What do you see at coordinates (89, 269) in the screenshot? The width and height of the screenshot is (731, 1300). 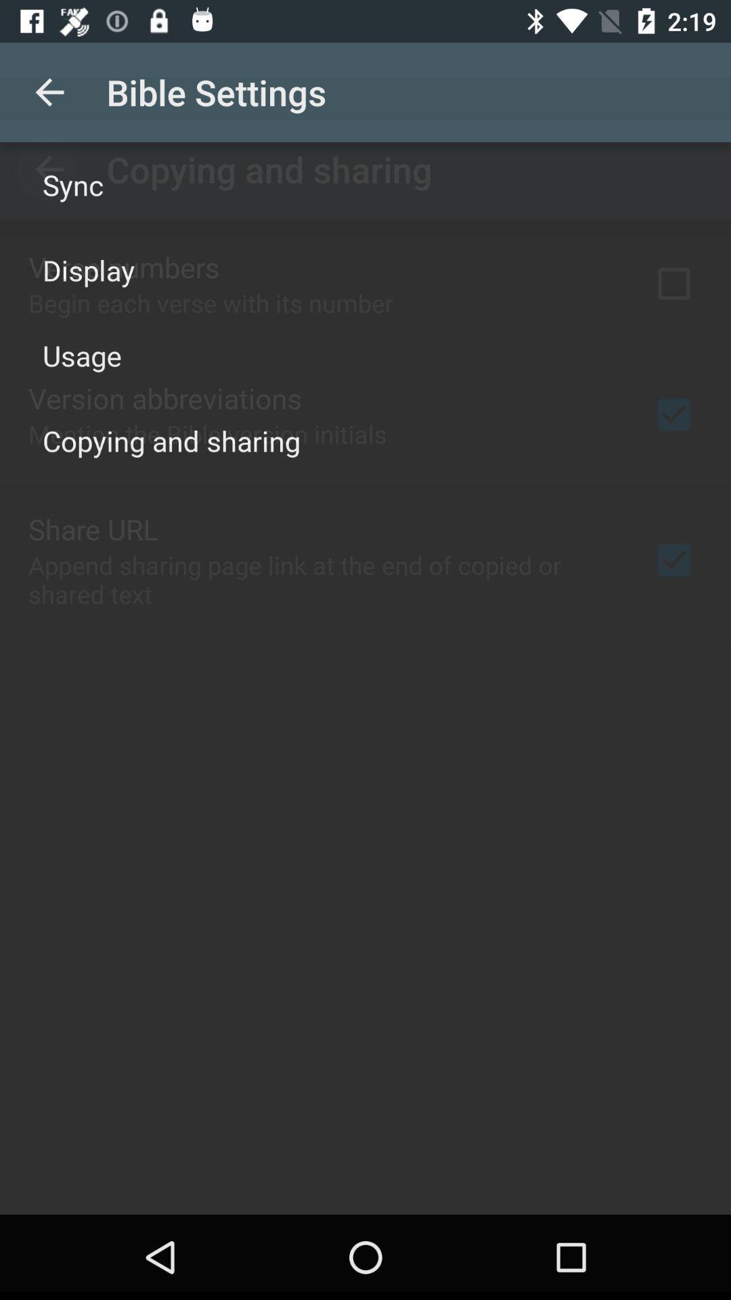 I see `display` at bounding box center [89, 269].